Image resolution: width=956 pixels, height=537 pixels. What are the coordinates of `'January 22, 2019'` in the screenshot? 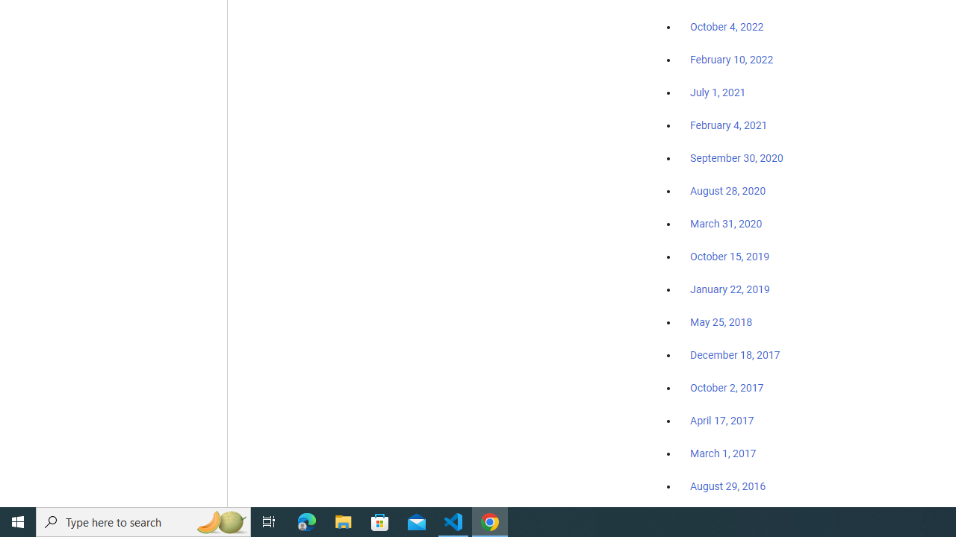 It's located at (730, 289).